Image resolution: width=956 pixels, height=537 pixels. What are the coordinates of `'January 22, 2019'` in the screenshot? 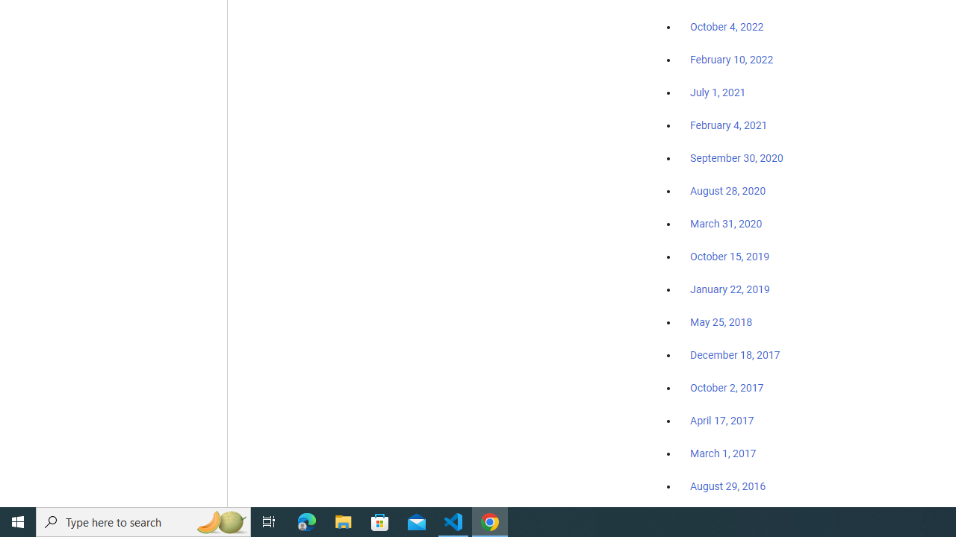 It's located at (730, 289).